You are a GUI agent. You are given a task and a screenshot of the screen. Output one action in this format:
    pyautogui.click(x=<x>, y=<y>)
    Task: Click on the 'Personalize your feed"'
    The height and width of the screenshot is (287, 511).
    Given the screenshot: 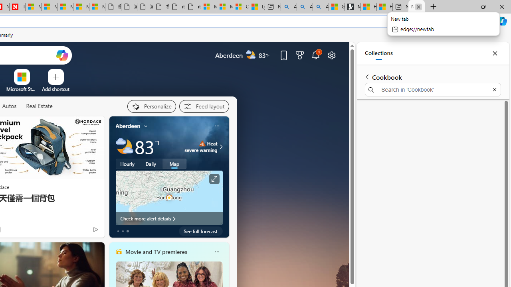 What is the action you would take?
    pyautogui.click(x=151, y=106)
    